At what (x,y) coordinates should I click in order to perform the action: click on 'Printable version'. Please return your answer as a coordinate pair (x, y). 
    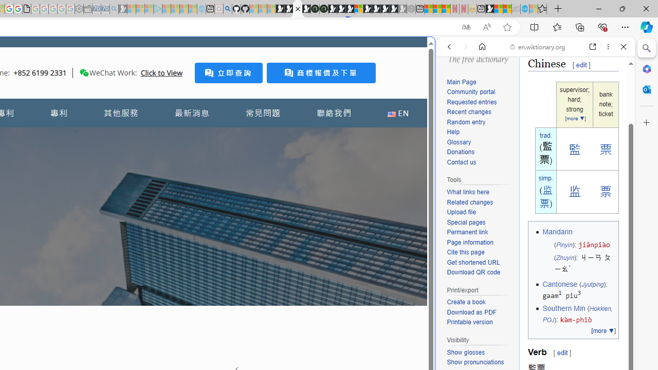
    Looking at the image, I should click on (480, 322).